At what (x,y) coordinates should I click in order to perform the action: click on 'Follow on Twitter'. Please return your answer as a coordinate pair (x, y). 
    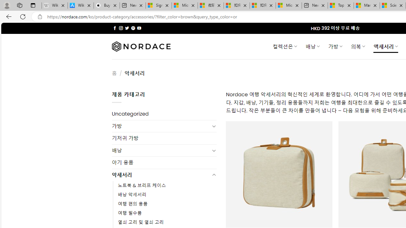
    Looking at the image, I should click on (127, 28).